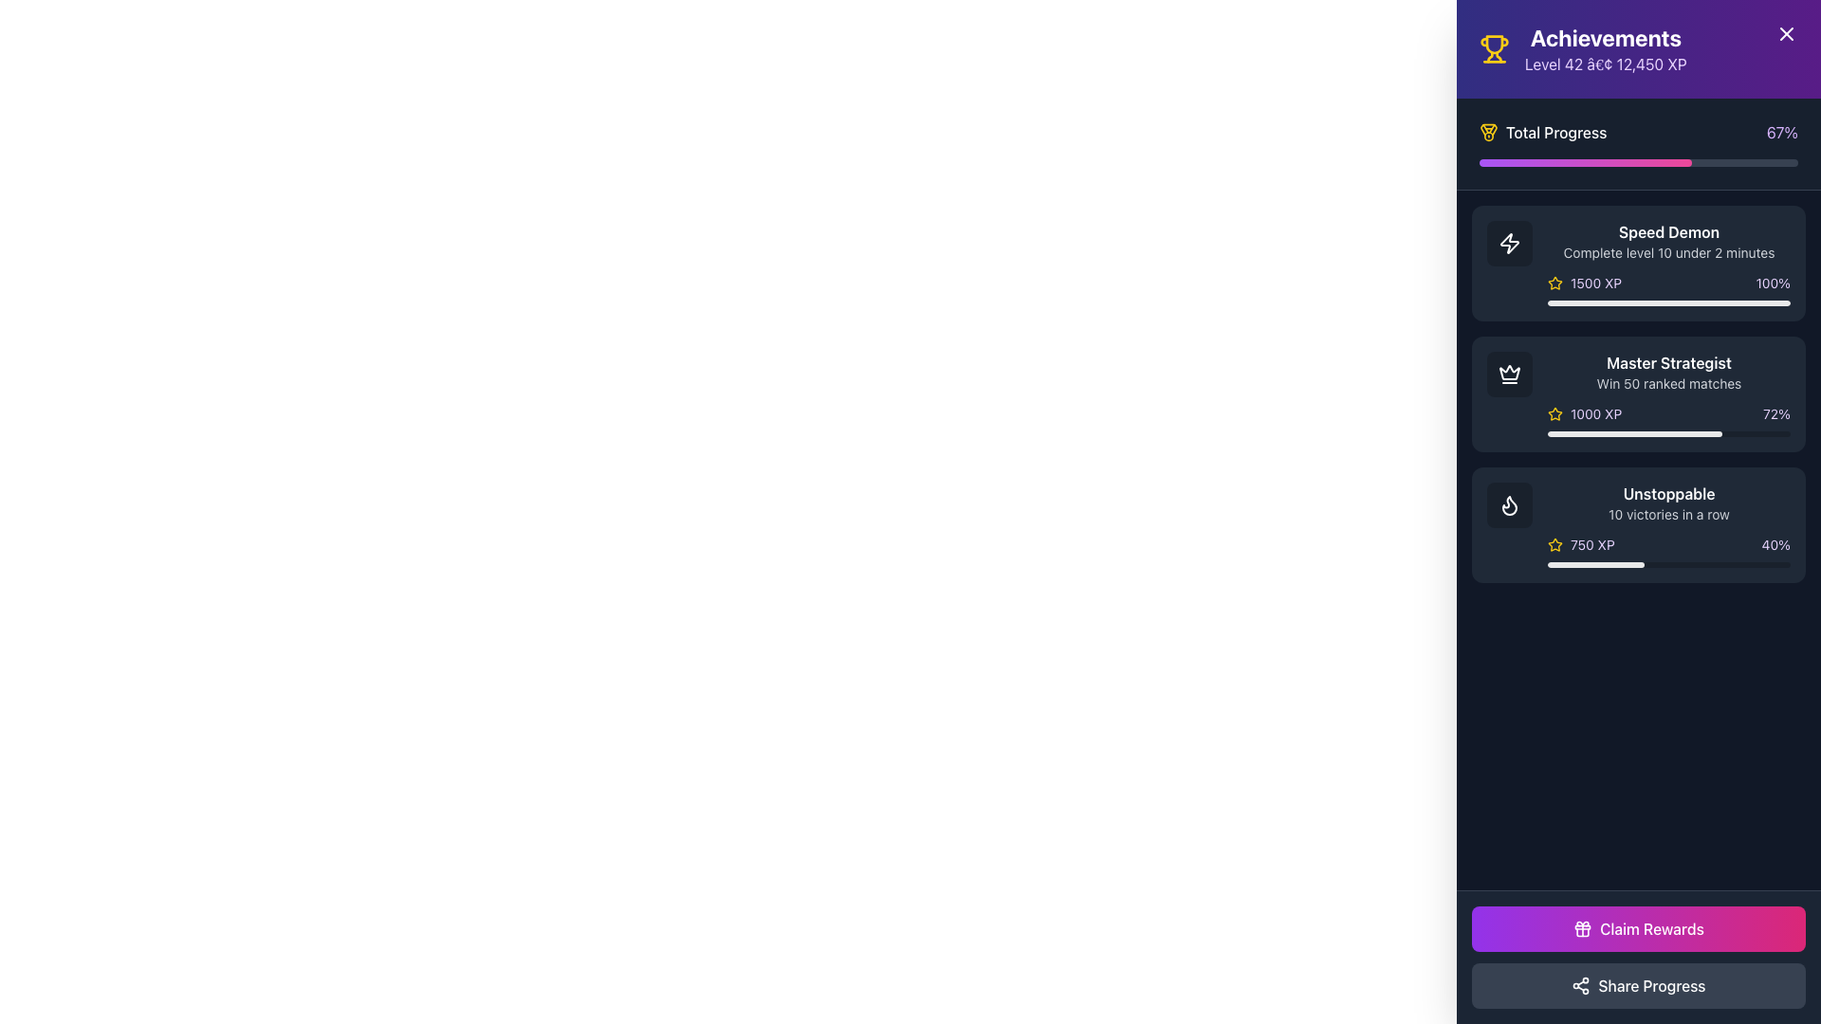 The image size is (1821, 1024). I want to click on the 'Claim Rewards' button, which is a gradient button with rounded corners and a gift box icon, to identify its function, so click(1638, 927).